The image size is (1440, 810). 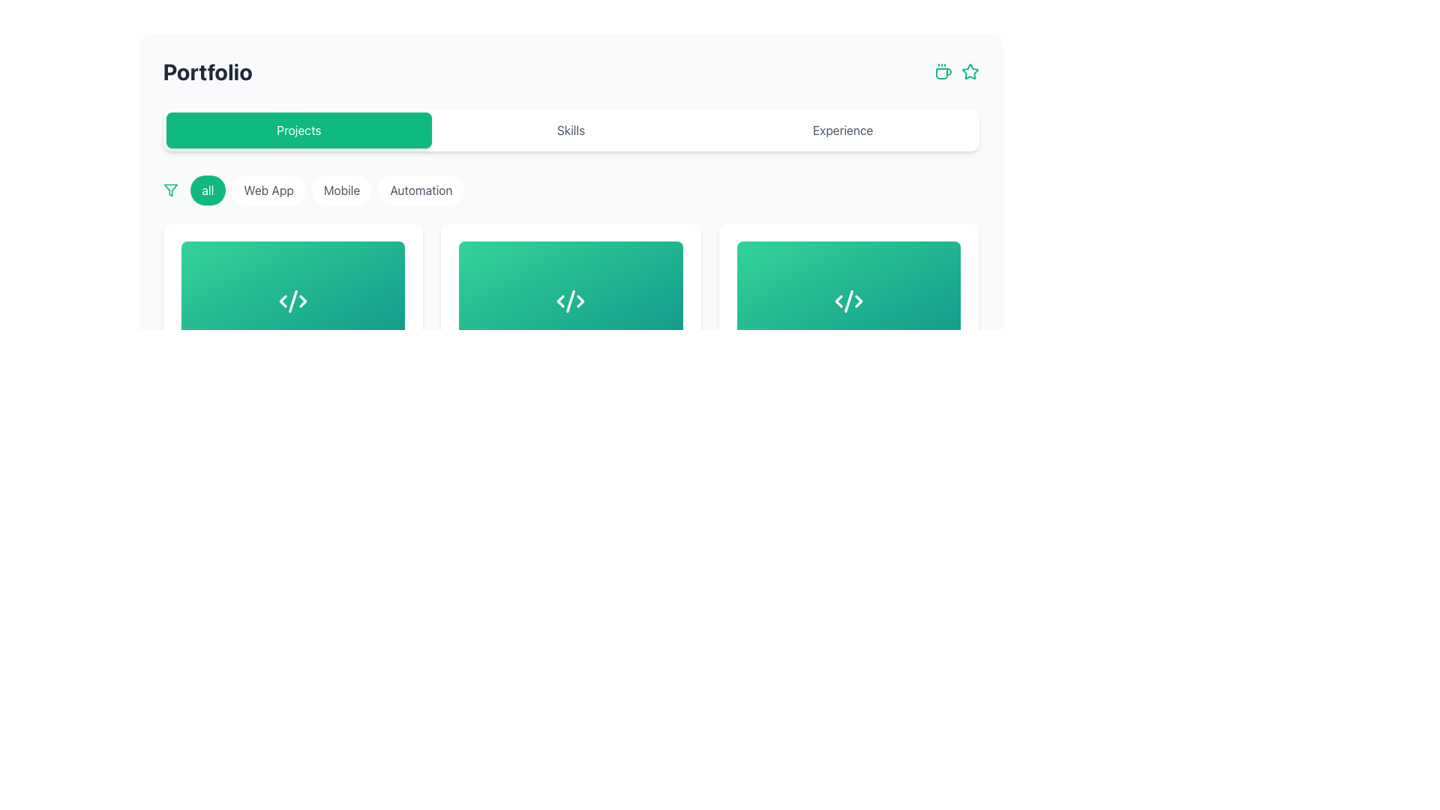 What do you see at coordinates (570, 129) in the screenshot?
I see `the 'Skills' navigation tab to trigger a visual change, which is centrally positioned among sibling tabs, specifically to the right of the 'Projects' tab and left of the 'Experience' tab` at bounding box center [570, 129].